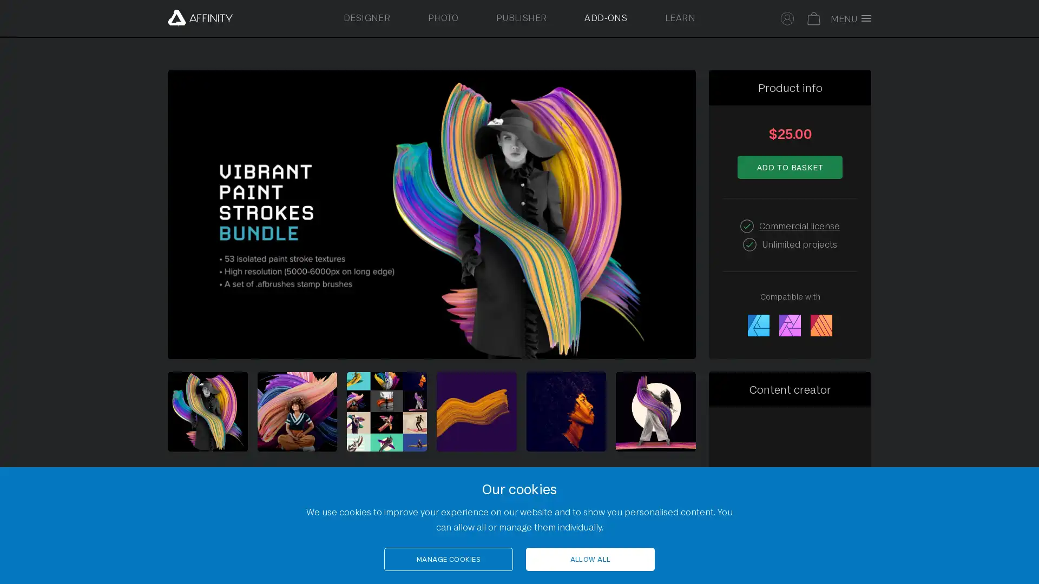 This screenshot has width=1039, height=584. What do you see at coordinates (790, 167) in the screenshot?
I see `Add to basket` at bounding box center [790, 167].